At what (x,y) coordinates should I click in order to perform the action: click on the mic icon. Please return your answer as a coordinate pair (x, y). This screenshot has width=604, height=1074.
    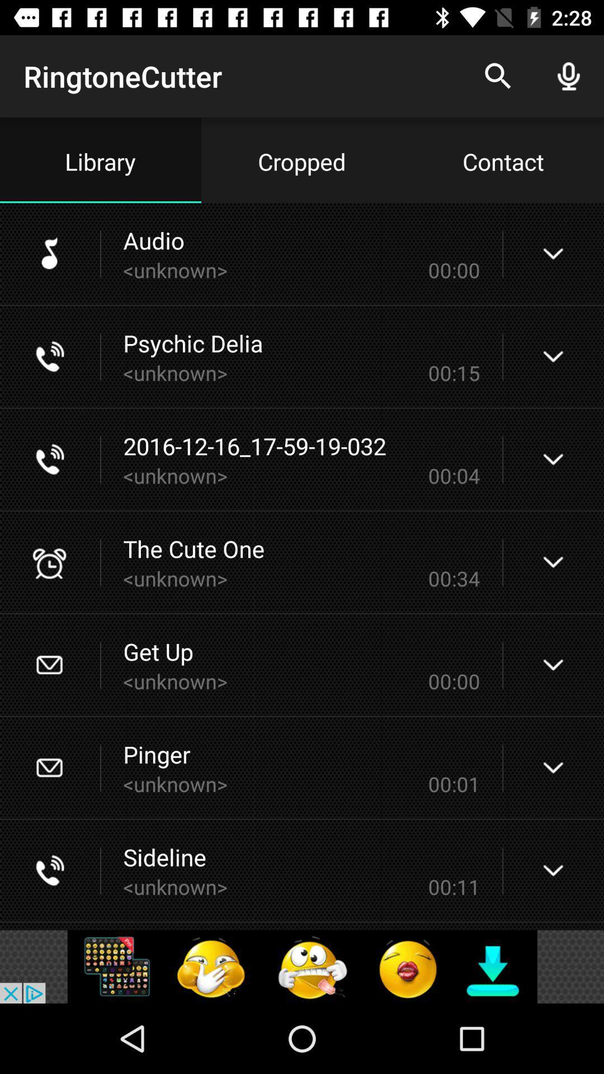
    Looking at the image, I should click on (569, 76).